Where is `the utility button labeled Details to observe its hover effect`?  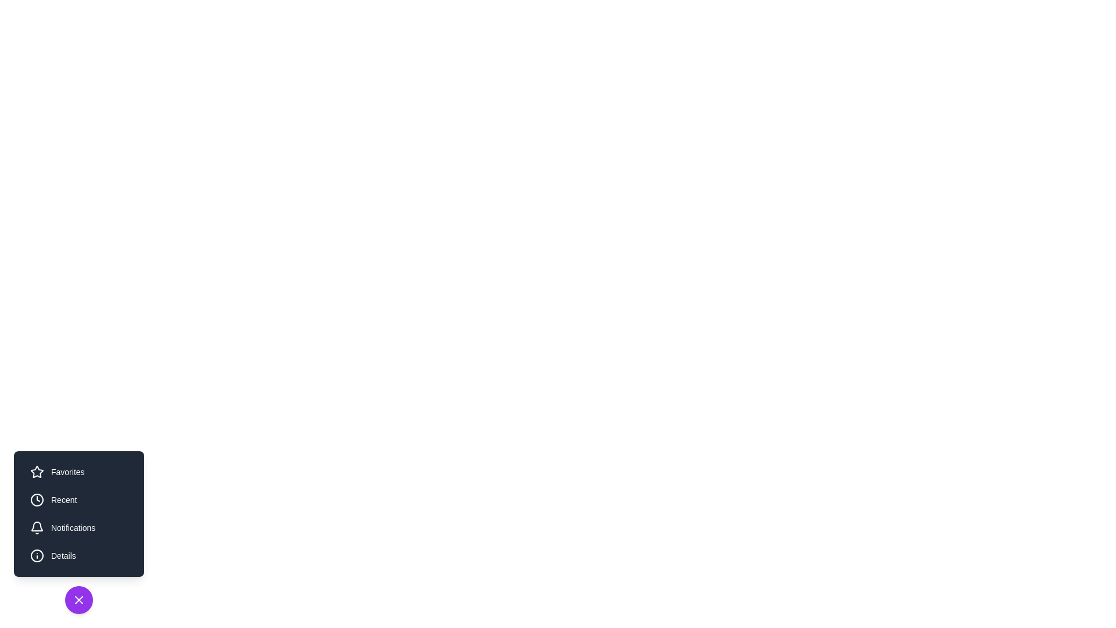
the utility button labeled Details to observe its hover effect is located at coordinates (78, 555).